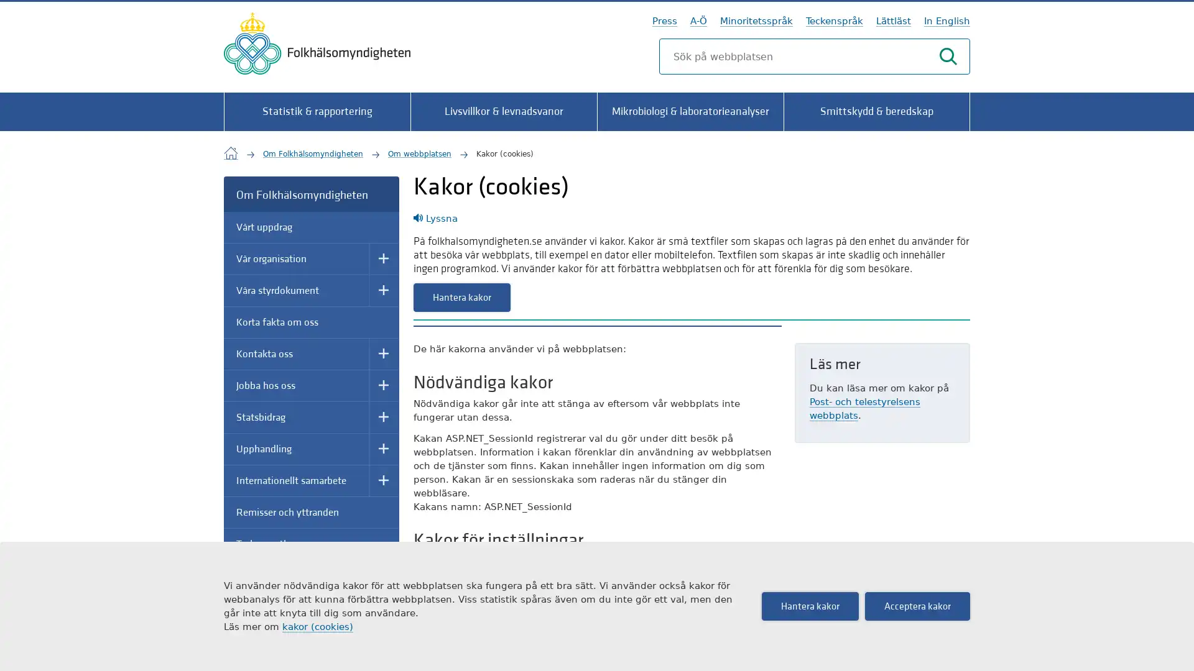 Image resolution: width=1194 pixels, height=671 pixels. I want to click on Expandera, so click(383, 417).